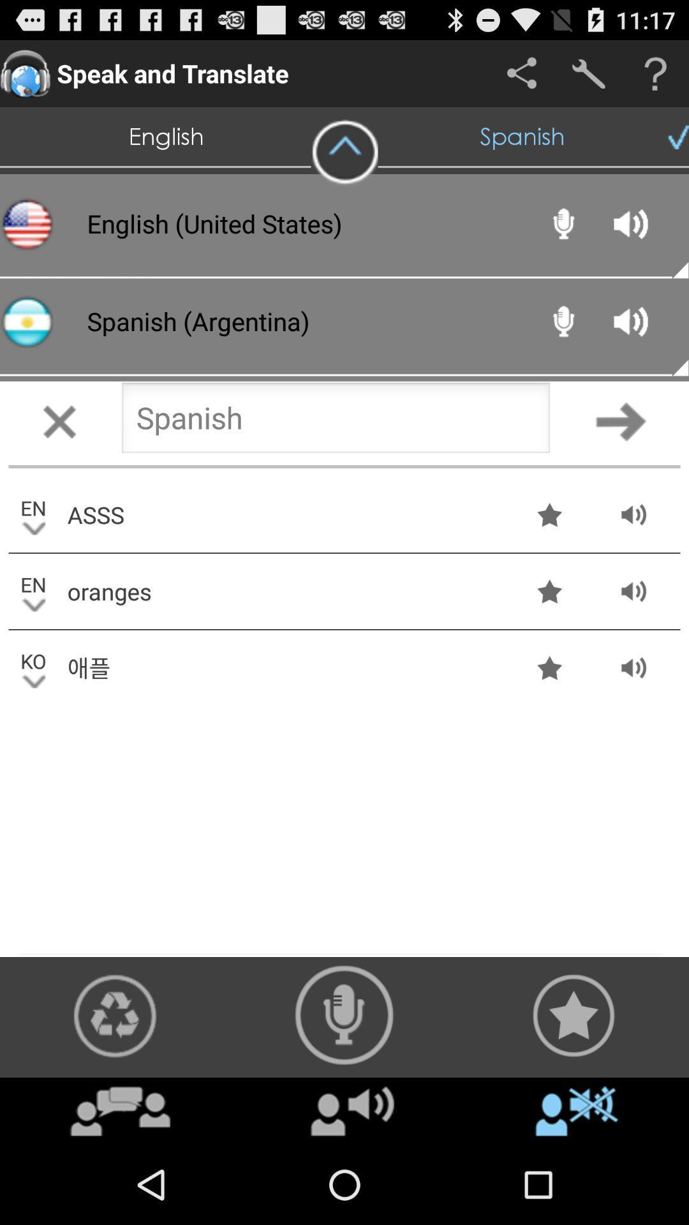 The width and height of the screenshot is (689, 1225). I want to click on to favorites, so click(573, 1014).